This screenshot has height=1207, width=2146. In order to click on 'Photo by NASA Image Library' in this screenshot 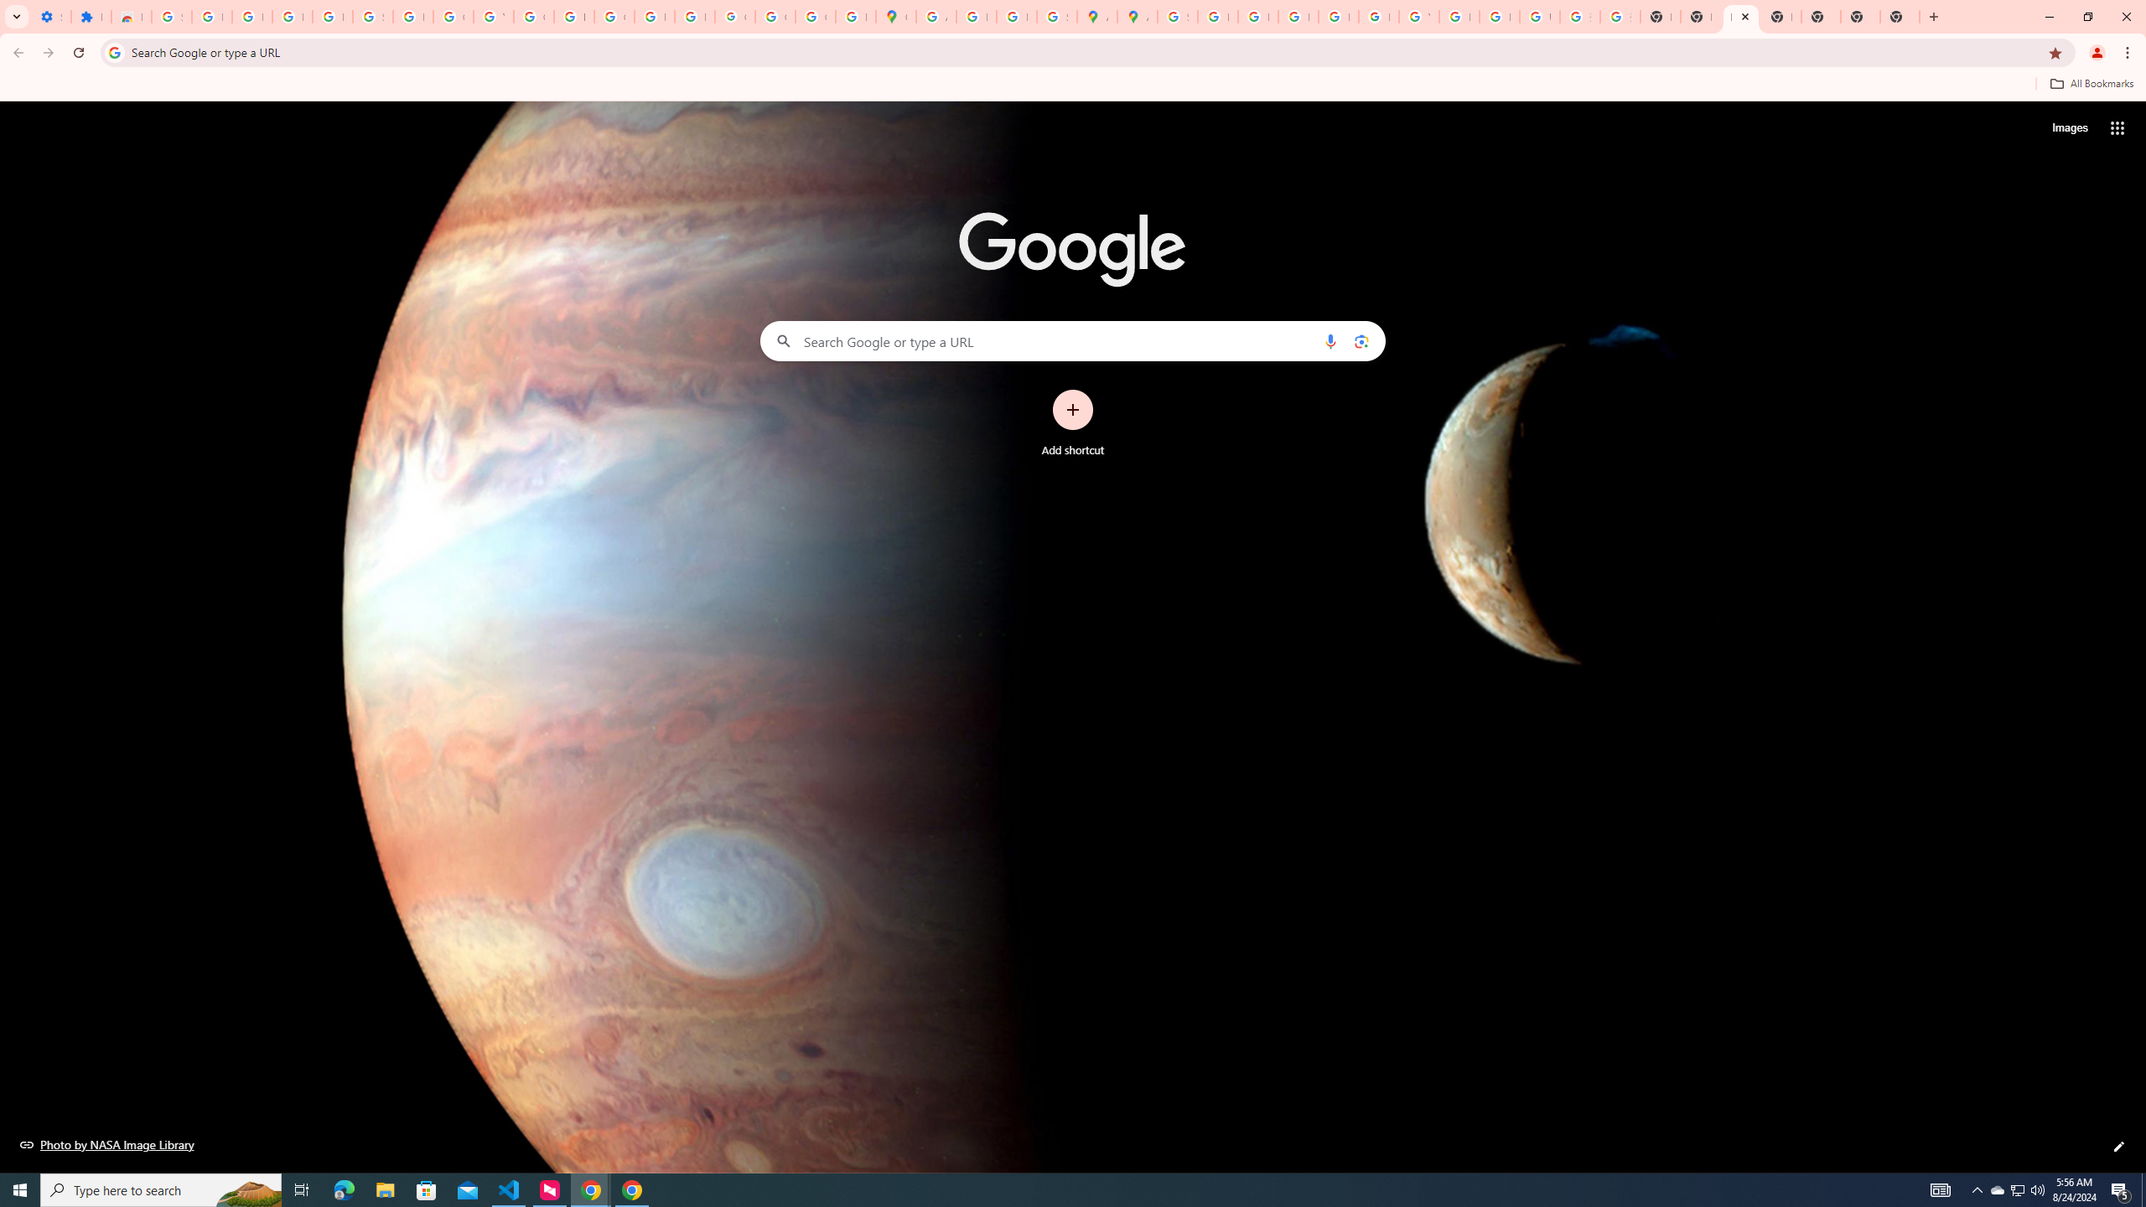, I will do `click(106, 1143)`.